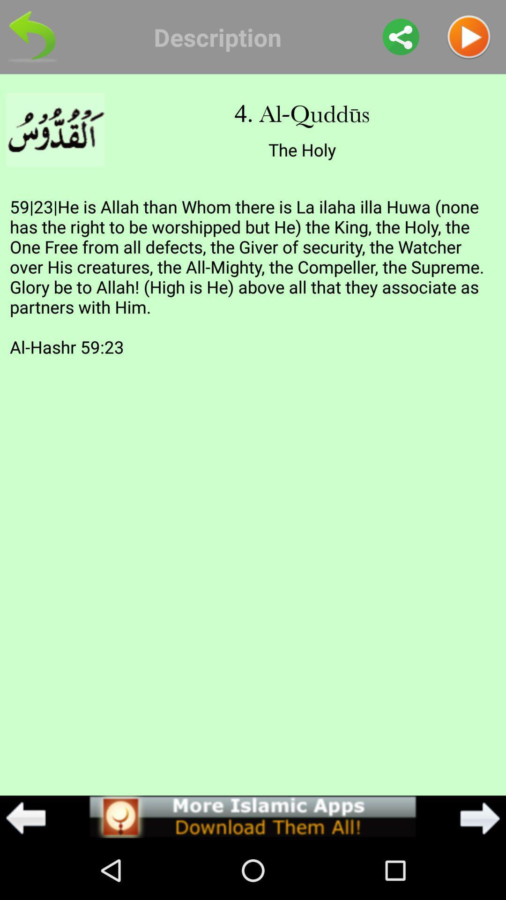 This screenshot has height=900, width=506. Describe the element at coordinates (252, 816) in the screenshot. I see `the icon at the bottom` at that location.